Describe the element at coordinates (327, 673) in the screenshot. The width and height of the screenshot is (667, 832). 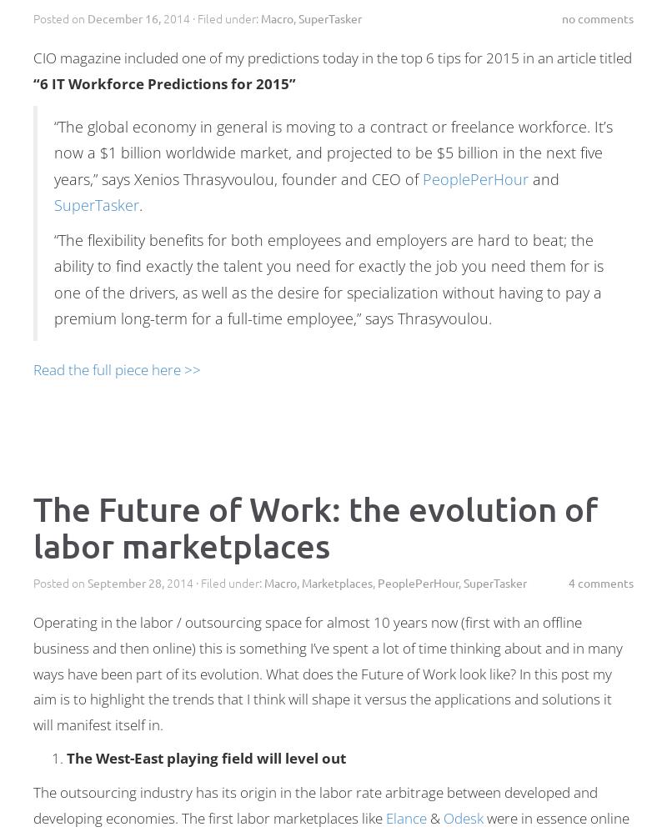
I see `'Operating in the labor / outsourcing space for almost 10 years now (first with an offline business and then online) this is something I’ve spent a lot of time thinking about and in many ways have been part of its evolution. What does the Future of Work look like? In this post my aim is to highlight the trends that I think will shape it versus the applications and solutions it will manifest itself in.'` at that location.